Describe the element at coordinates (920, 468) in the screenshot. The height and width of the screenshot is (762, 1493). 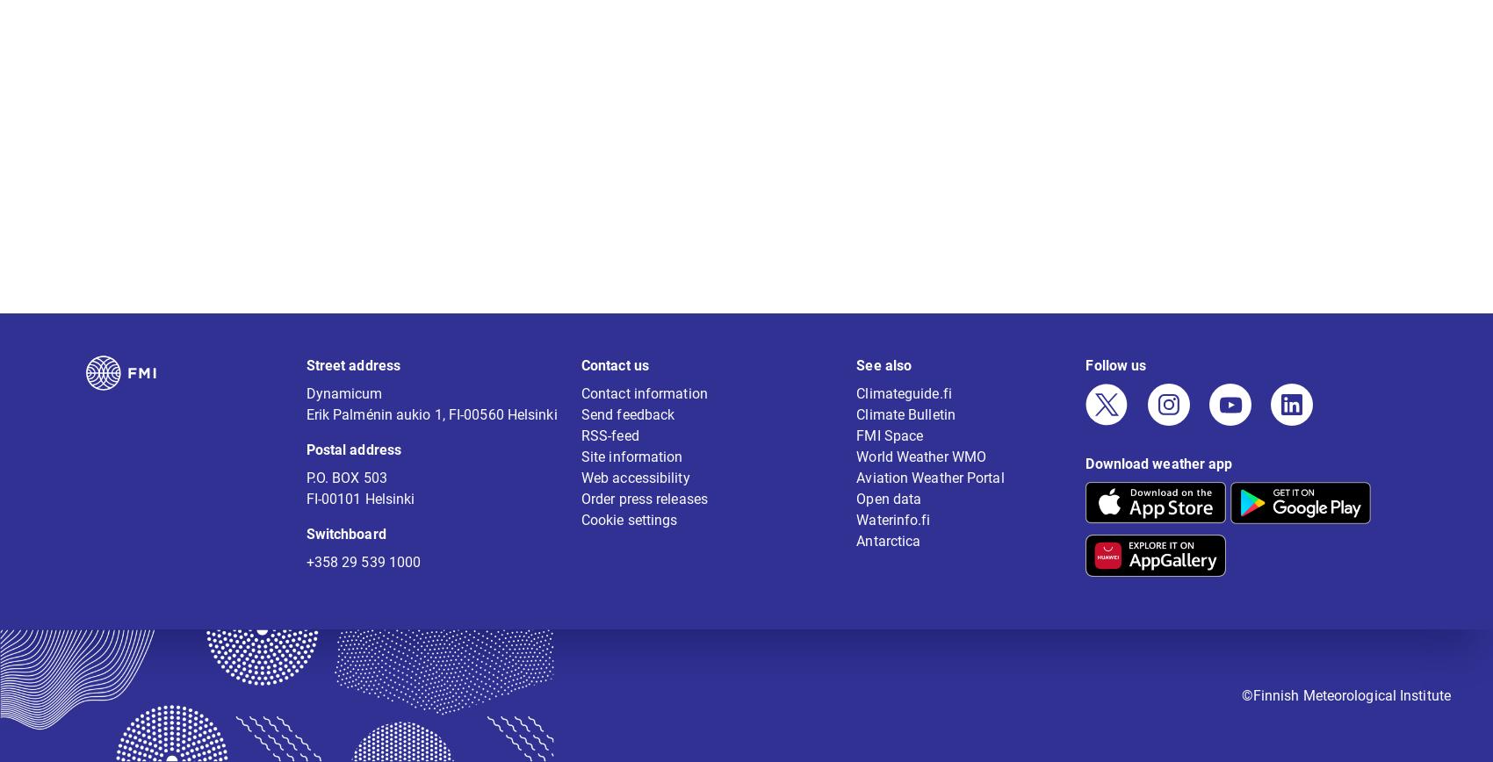
I see `'World Weather WMO'` at that location.